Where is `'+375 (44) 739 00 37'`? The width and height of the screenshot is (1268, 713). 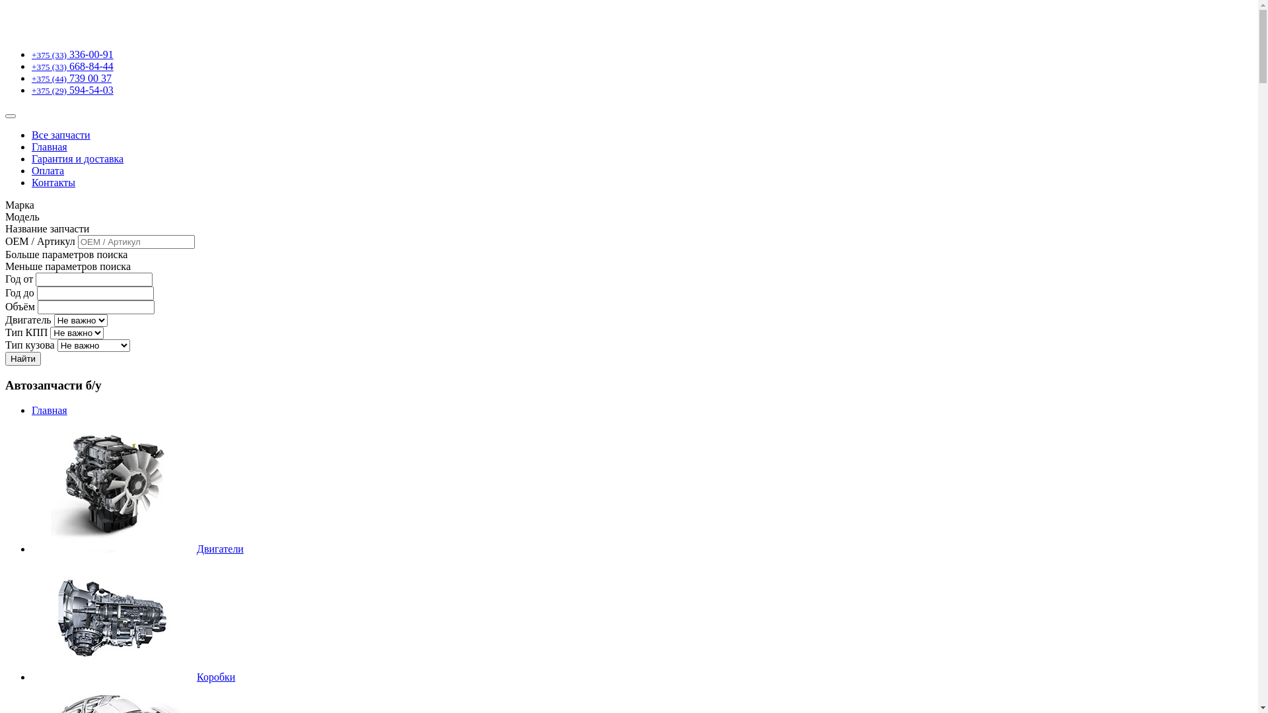 '+375 (44) 739 00 37' is located at coordinates (32, 78).